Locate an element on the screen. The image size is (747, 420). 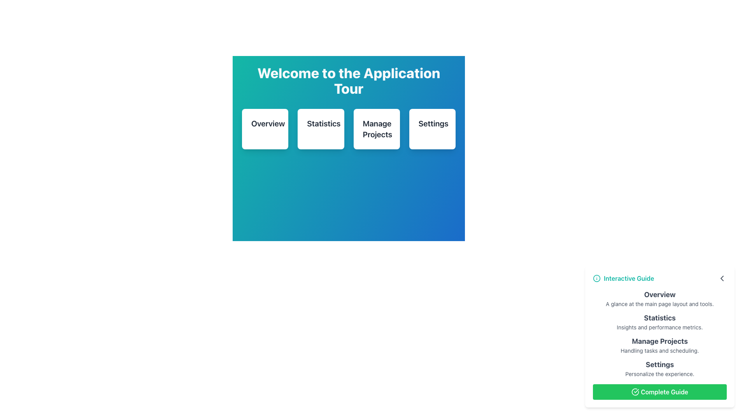
the 'Overview' informational card, which is a white, rounded rectangle with a shadow effect containing the text 'Overview' in bold, dark gray font is located at coordinates (265, 128).